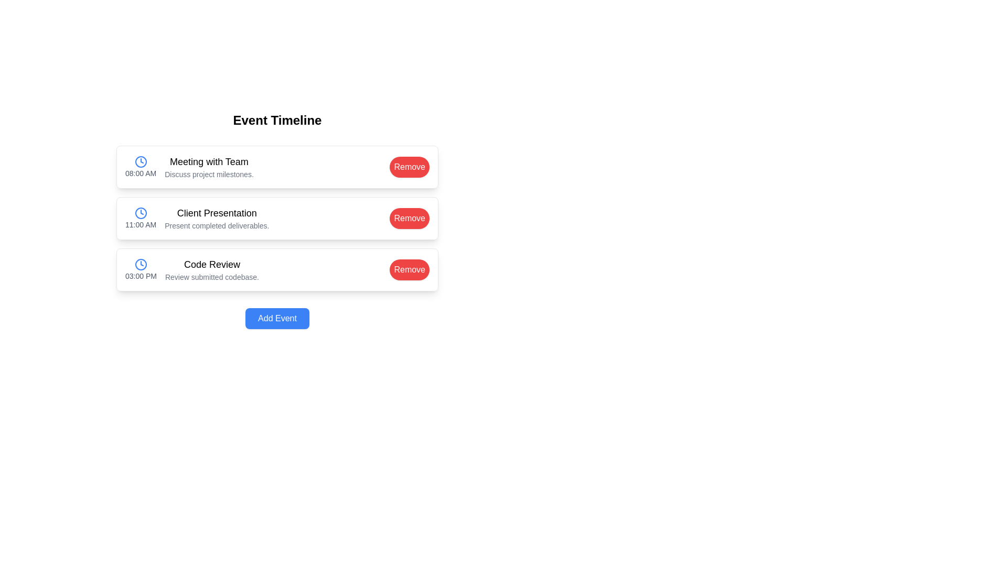 The width and height of the screenshot is (1007, 566). I want to click on the circular blue clock icon located on the left side of the first row in the timeline list under the 'Event Timeline' section, adjacent to the 'Meeting with Team' text and the '08:00 AM' time description, so click(140, 161).